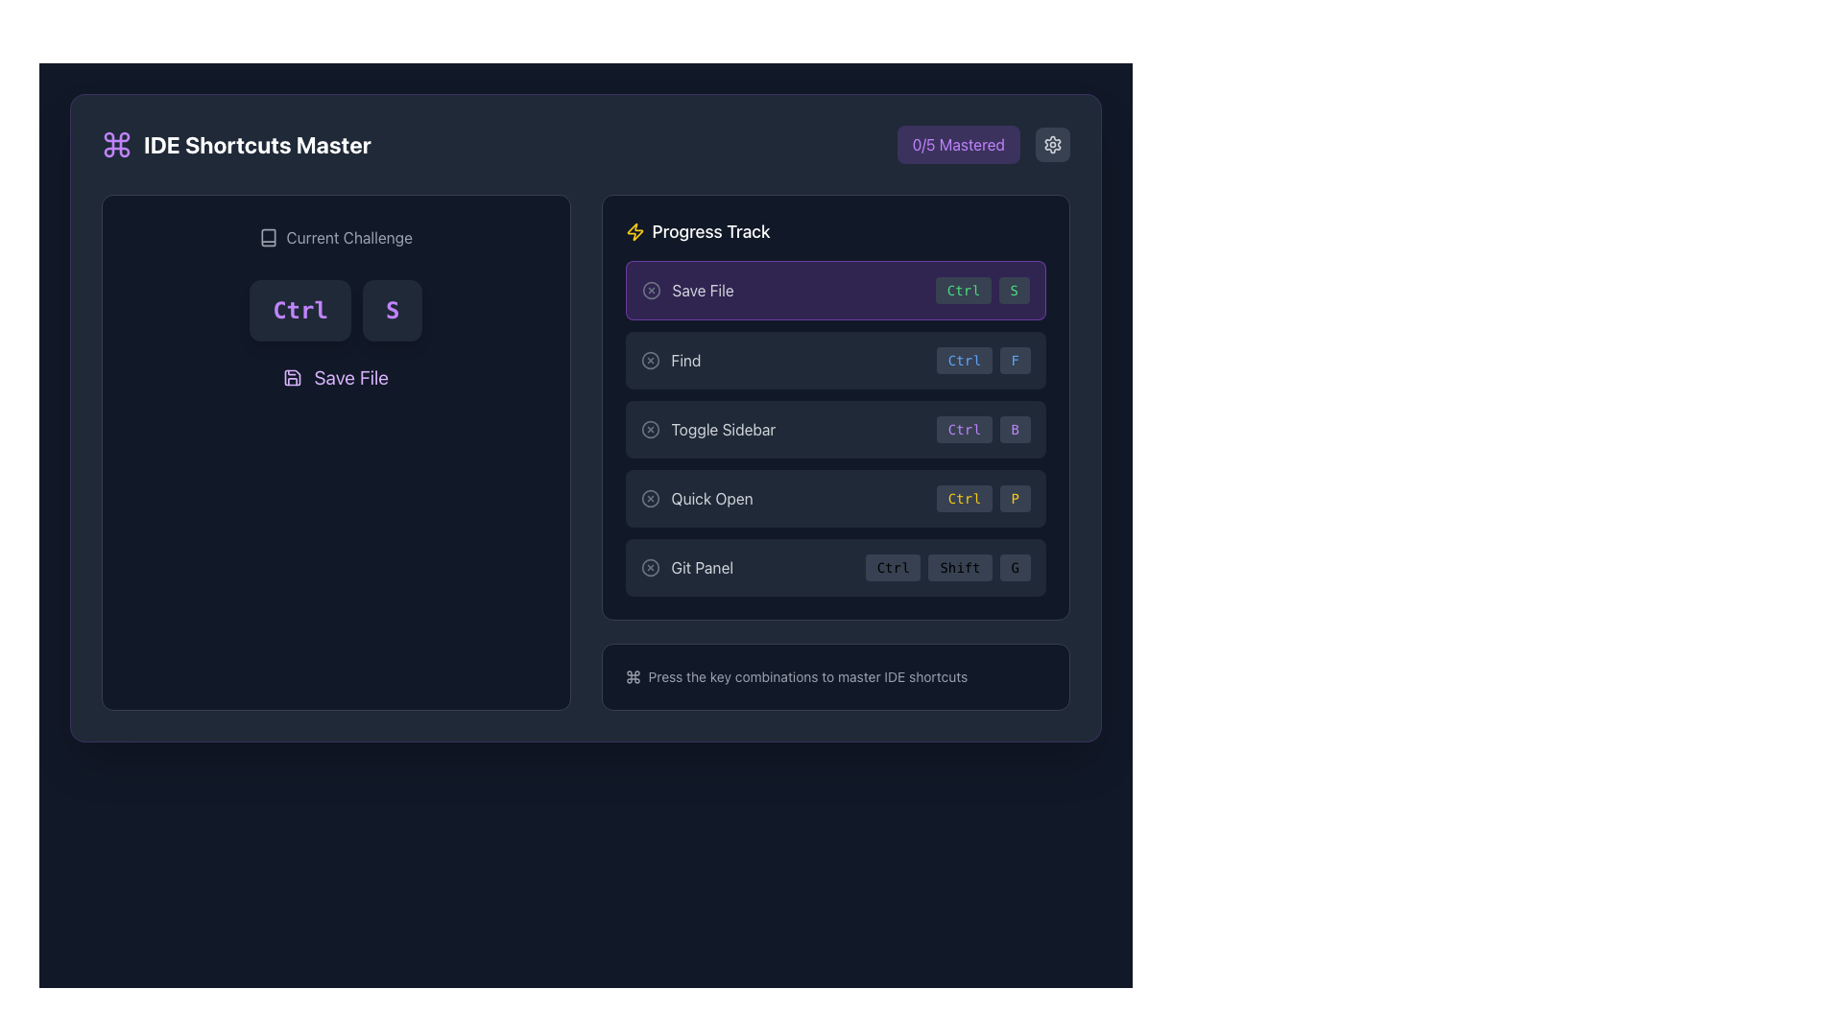  What do you see at coordinates (650, 428) in the screenshot?
I see `the toggle icon for the sidebar, which is positioned to the left of the textual label in the 'Toggle Sidebar' row` at bounding box center [650, 428].